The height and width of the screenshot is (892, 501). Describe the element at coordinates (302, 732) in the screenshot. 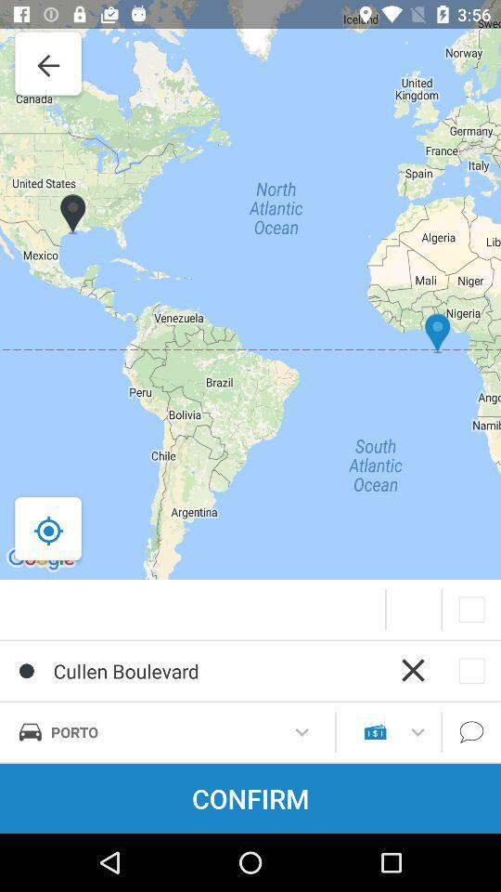

I see `the button which is next to the porto` at that location.